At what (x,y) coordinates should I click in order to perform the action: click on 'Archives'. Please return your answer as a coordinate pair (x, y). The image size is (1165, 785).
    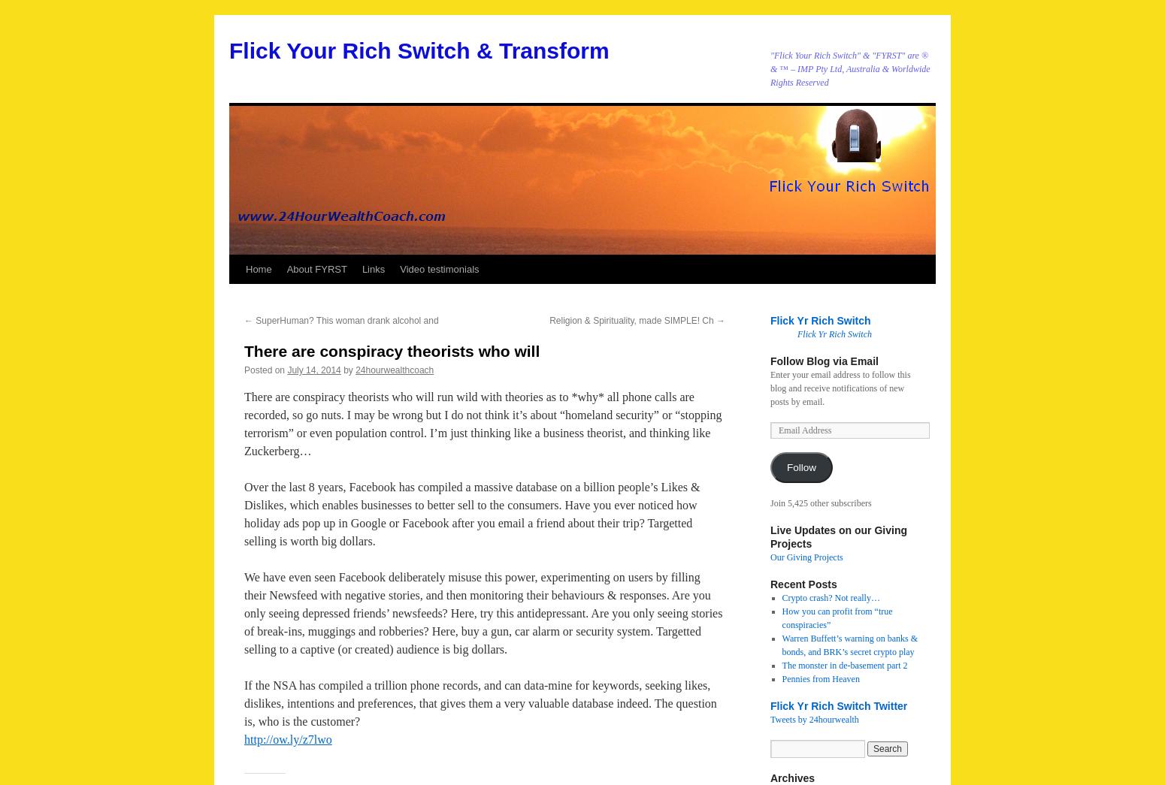
    Looking at the image, I should click on (792, 778).